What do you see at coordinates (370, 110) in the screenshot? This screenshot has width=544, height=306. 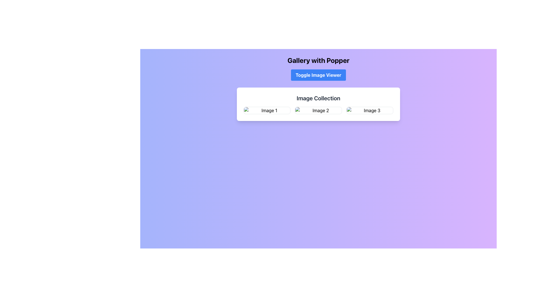 I see `the image labeled 'Image 3' in the 'Image Collection' grid layout, which serves as an interactive UI component` at bounding box center [370, 110].